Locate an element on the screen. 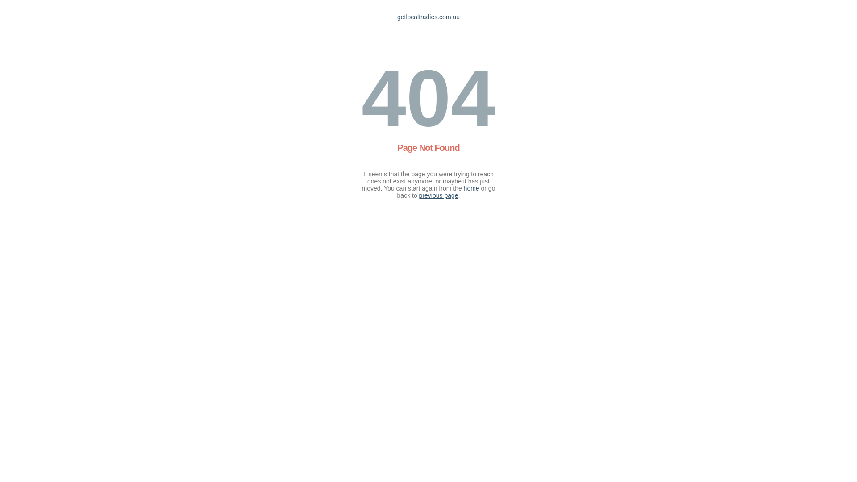 This screenshot has width=857, height=482. 'getlocaltradies.com.au' is located at coordinates (428, 17).